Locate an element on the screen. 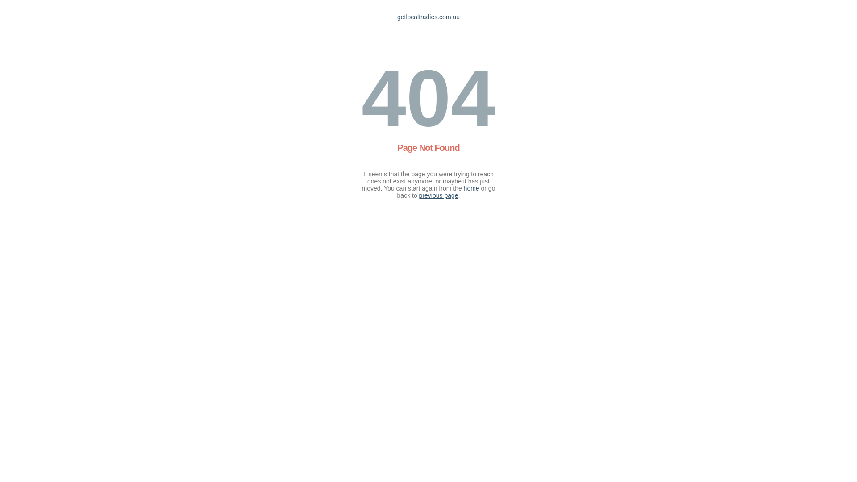 This screenshot has width=857, height=482. 'getlocaltradies.com.au' is located at coordinates (428, 17).